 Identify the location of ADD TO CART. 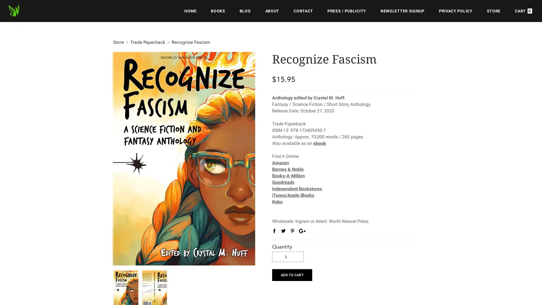
(292, 274).